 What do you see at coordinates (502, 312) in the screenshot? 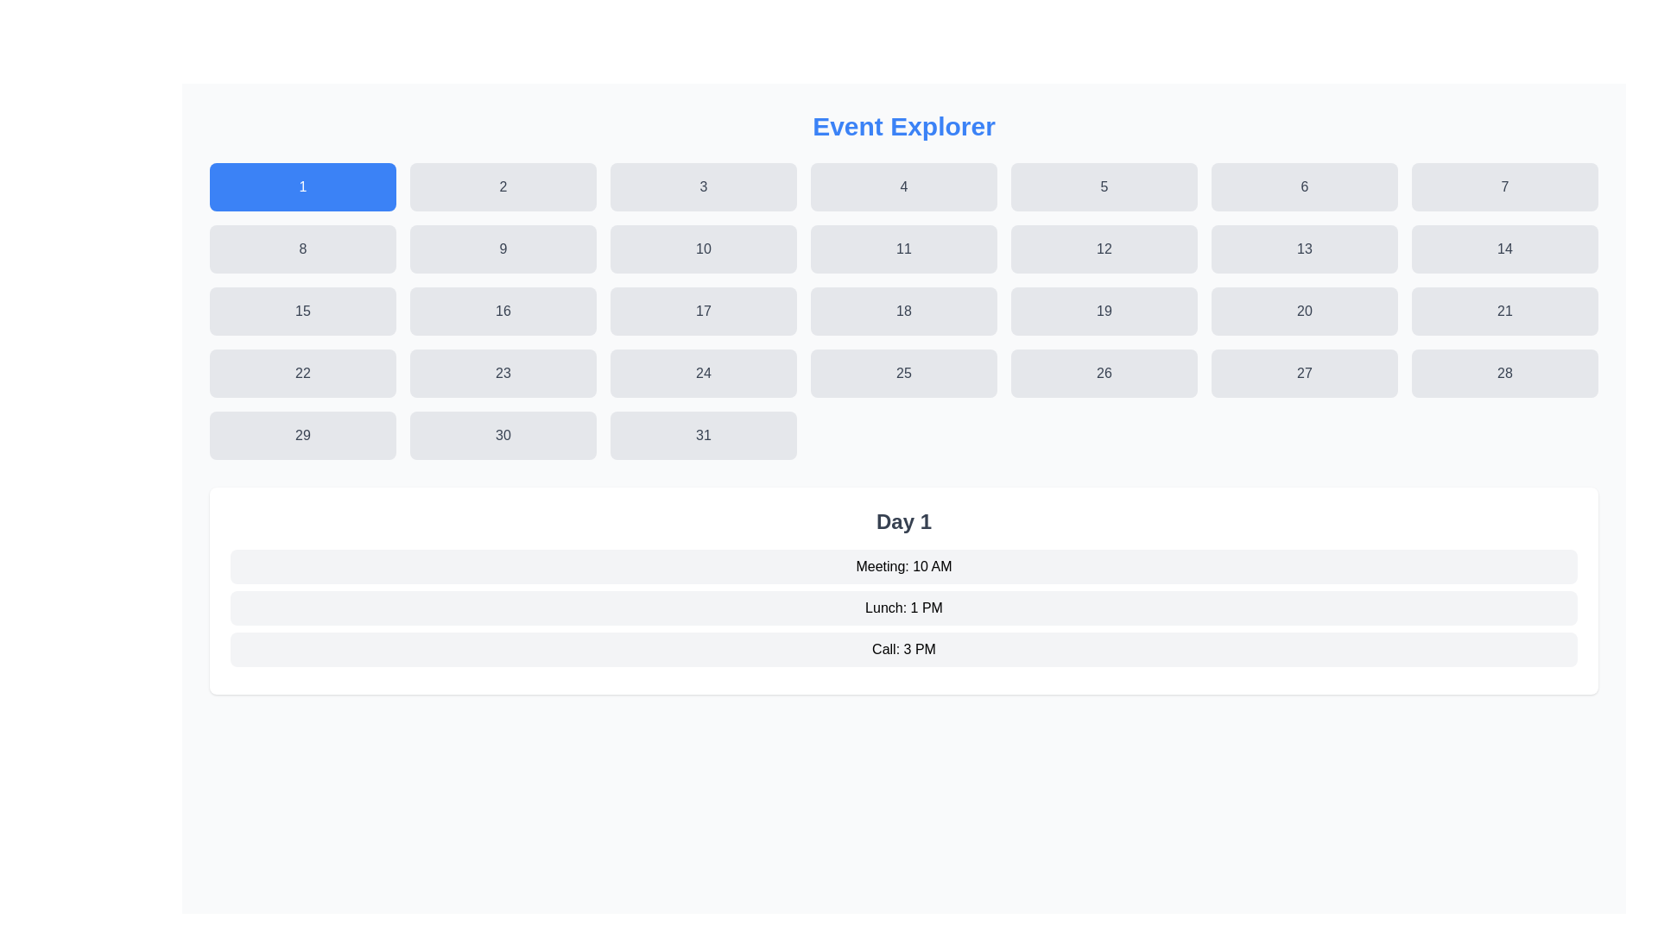
I see `the button representing the number '16' in the fourth row and second column of the grid` at bounding box center [502, 312].